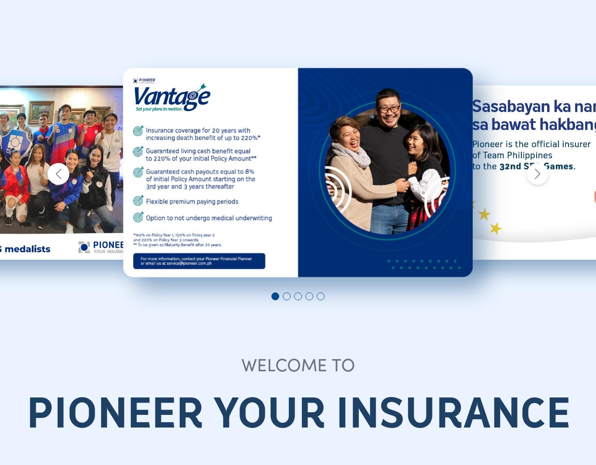 The width and height of the screenshot is (596, 465). What do you see at coordinates (106, 71) in the screenshot?
I see `'Branches
Near You'` at bounding box center [106, 71].